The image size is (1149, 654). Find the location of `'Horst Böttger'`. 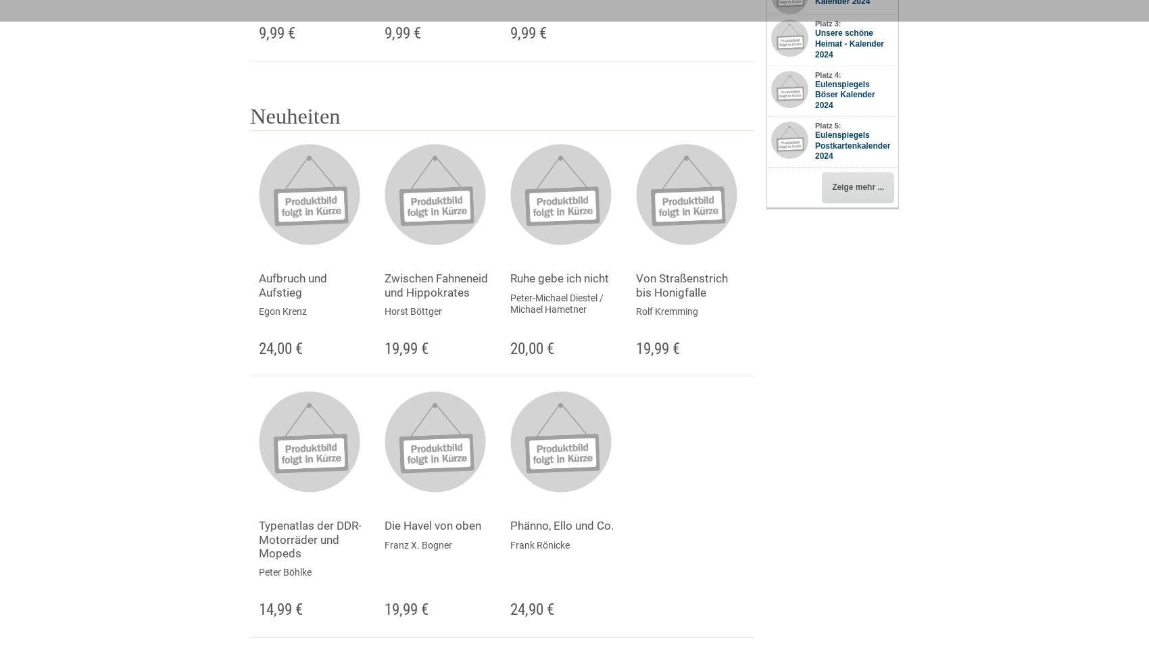

'Horst Böttger' is located at coordinates (412, 309).